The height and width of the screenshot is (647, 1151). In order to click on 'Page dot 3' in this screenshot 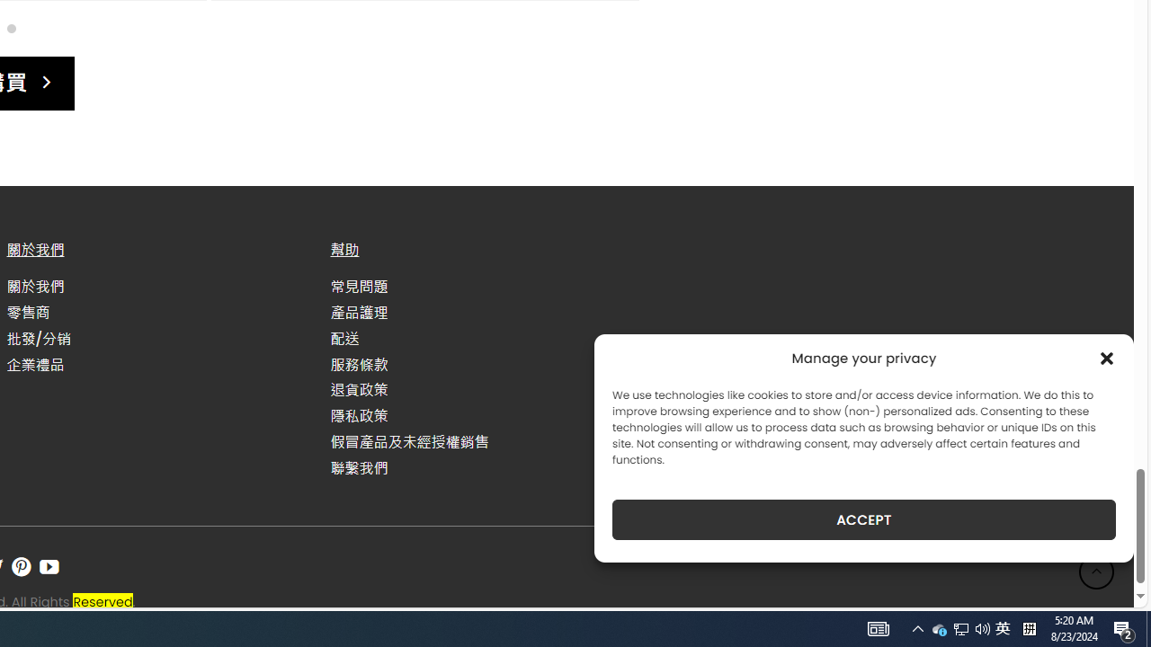, I will do `click(11, 28)`.